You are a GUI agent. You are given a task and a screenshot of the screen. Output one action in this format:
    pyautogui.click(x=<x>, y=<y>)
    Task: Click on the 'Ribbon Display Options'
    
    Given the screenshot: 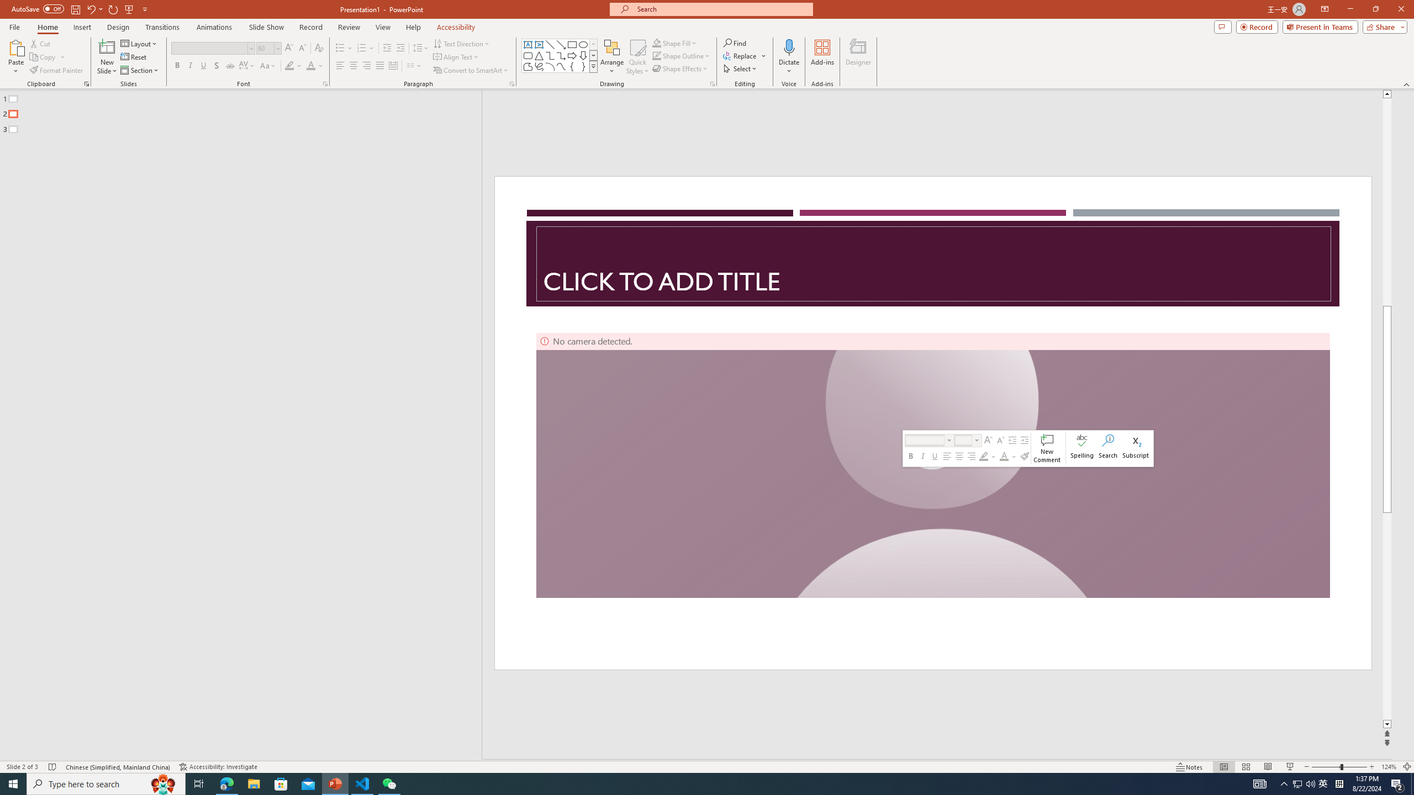 What is the action you would take?
    pyautogui.click(x=1324, y=9)
    